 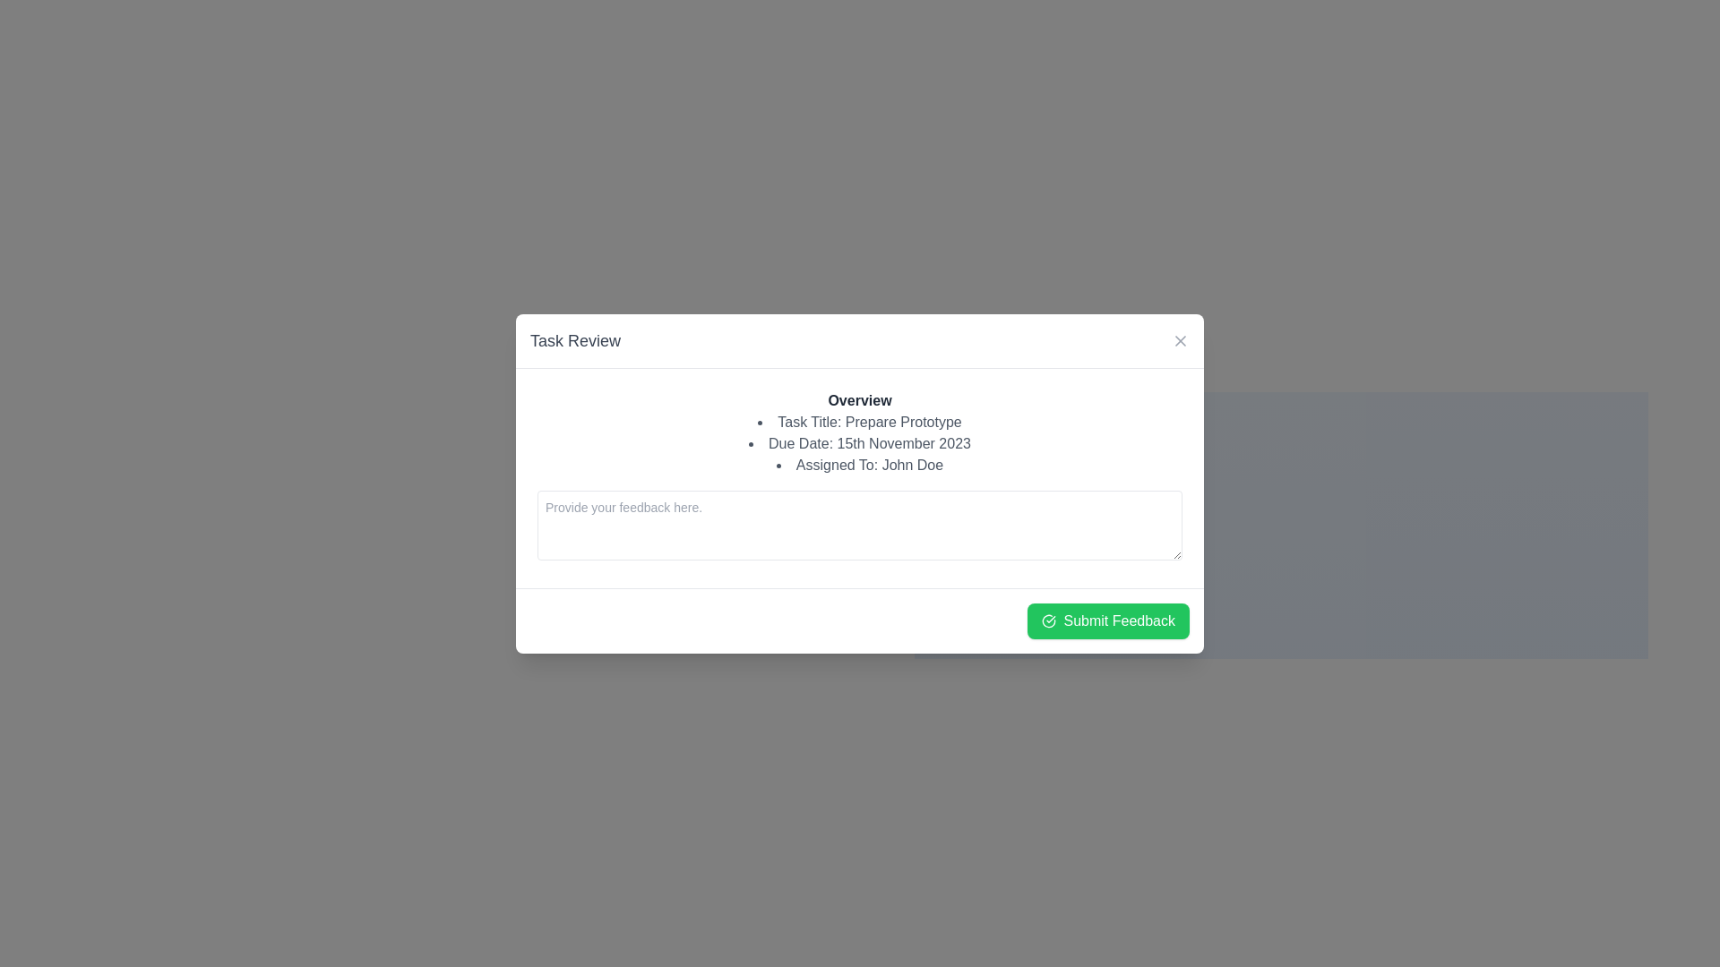 What do you see at coordinates (860, 399) in the screenshot?
I see `the static text label that indicates the section title for the following information, positioned at the top of the modal above 'Task Title', 'Due Date', and 'Assigned To'` at bounding box center [860, 399].